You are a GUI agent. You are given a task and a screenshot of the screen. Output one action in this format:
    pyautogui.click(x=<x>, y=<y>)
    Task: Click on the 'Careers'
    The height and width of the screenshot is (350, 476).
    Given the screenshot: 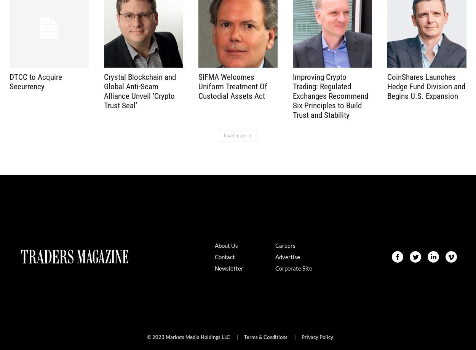 What is the action you would take?
    pyautogui.click(x=284, y=245)
    